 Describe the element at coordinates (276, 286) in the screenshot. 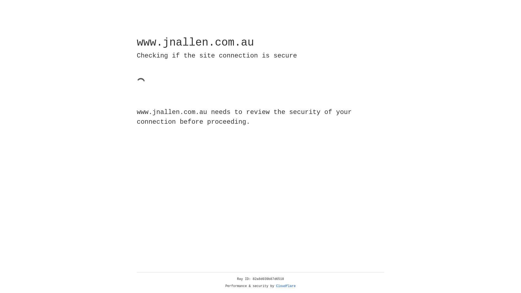

I see `'Cloudflare'` at that location.